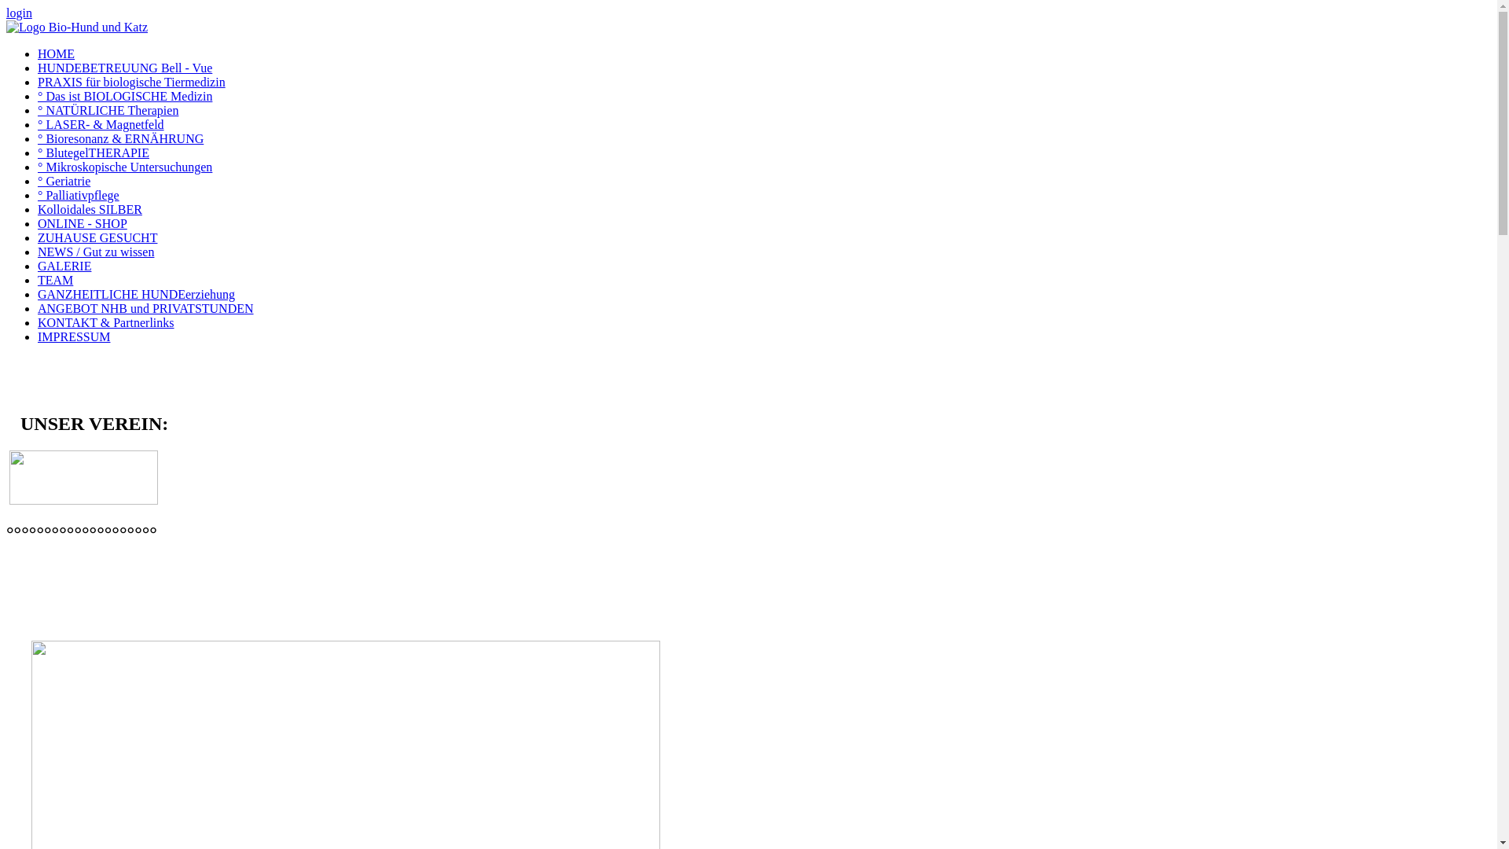  Describe the element at coordinates (94, 251) in the screenshot. I see `'NEWS / Gut zu wissen'` at that location.